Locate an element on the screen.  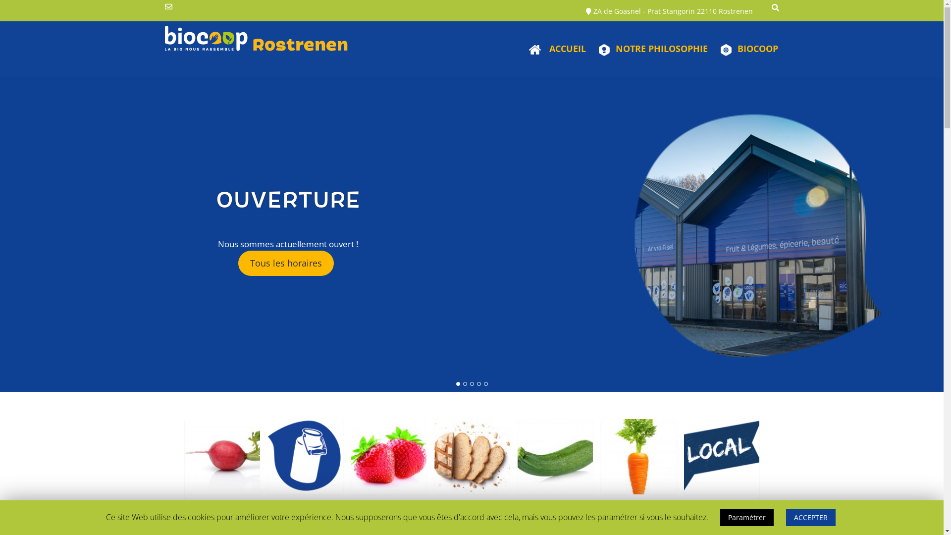
'2' is located at coordinates (465, 382).